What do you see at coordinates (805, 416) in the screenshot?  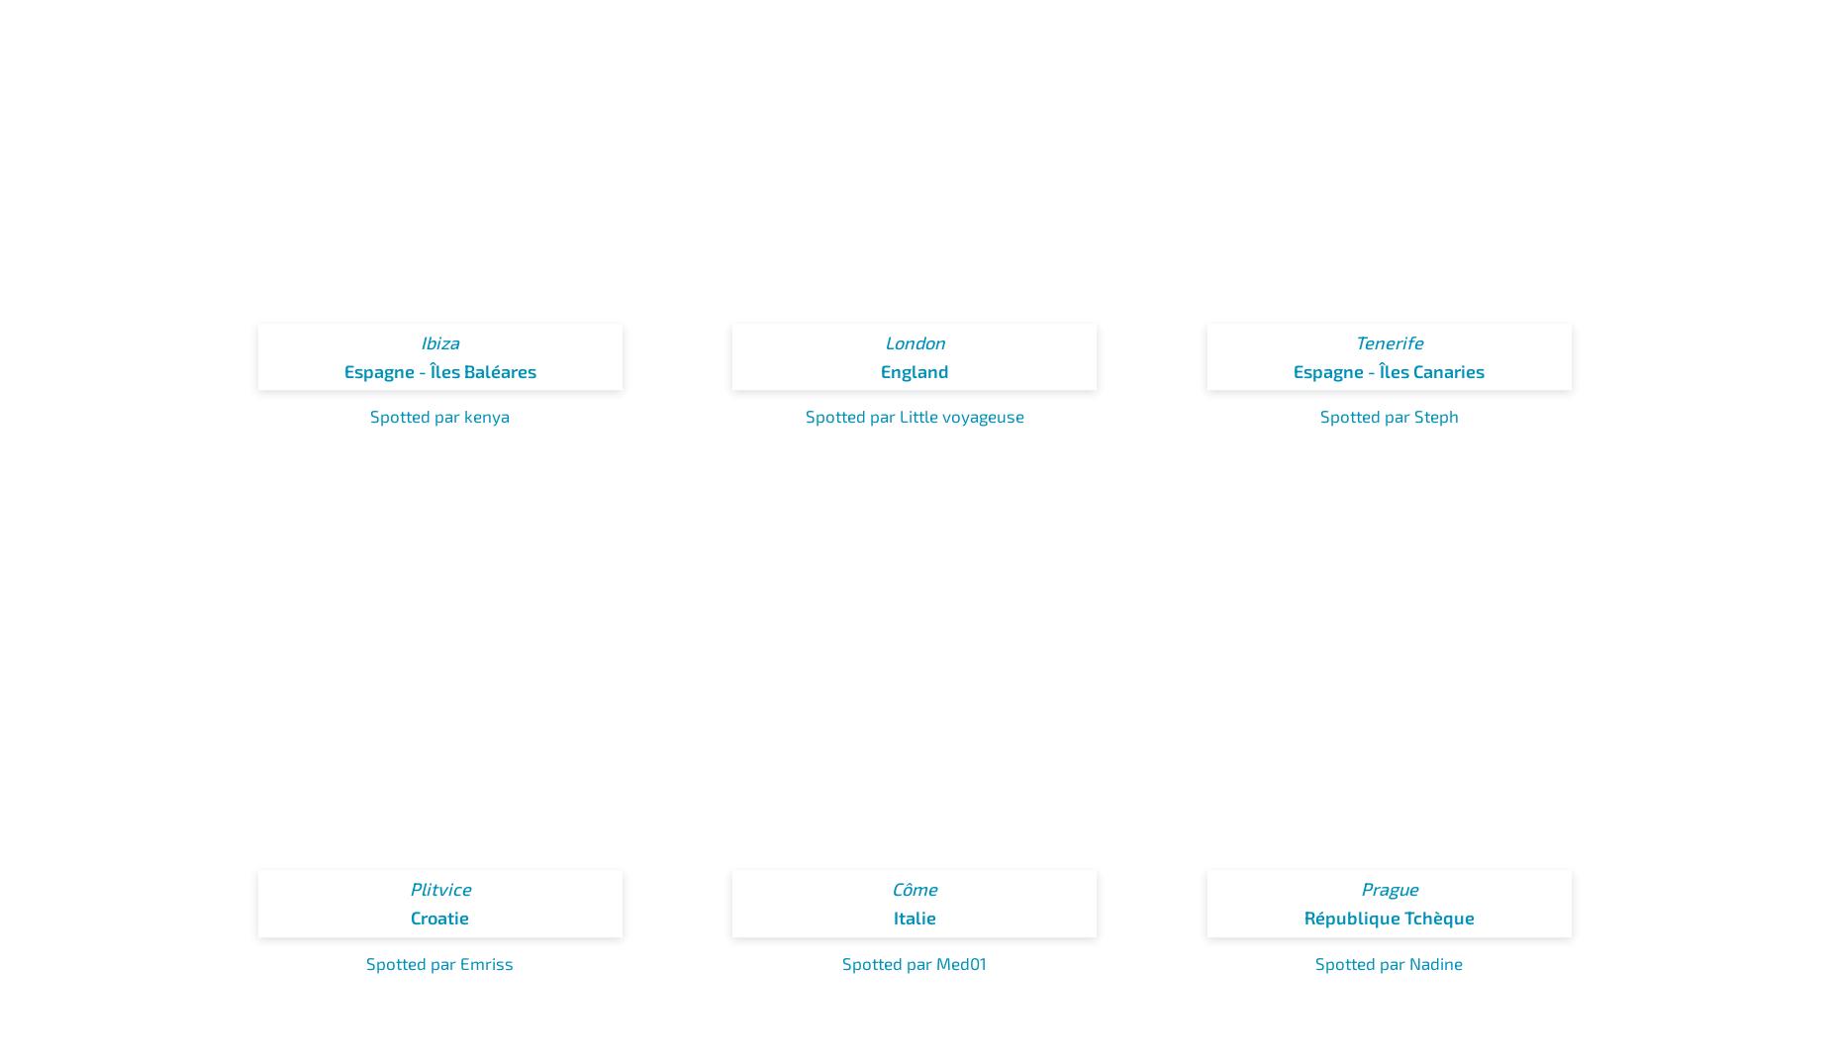 I see `'Spotted par Little voyageuse'` at bounding box center [805, 416].